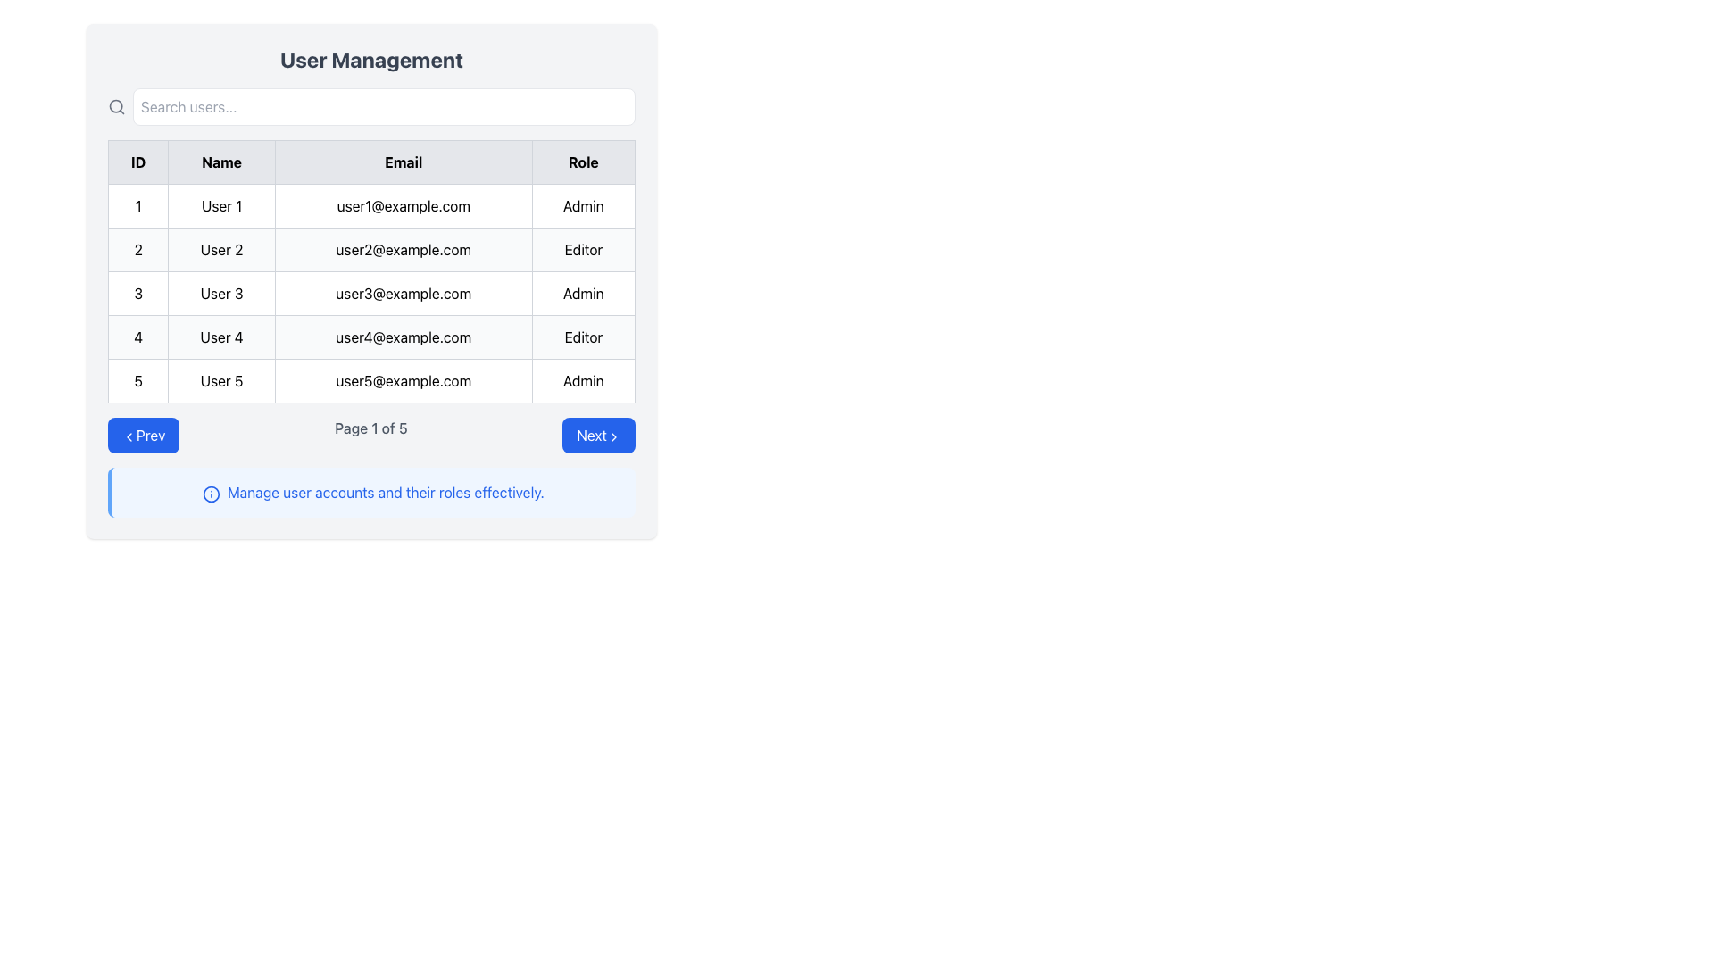 This screenshot has height=964, width=1714. What do you see at coordinates (144, 436) in the screenshot?
I see `the left-most pagination button located to the left of the text 'Page 1 of 5'` at bounding box center [144, 436].